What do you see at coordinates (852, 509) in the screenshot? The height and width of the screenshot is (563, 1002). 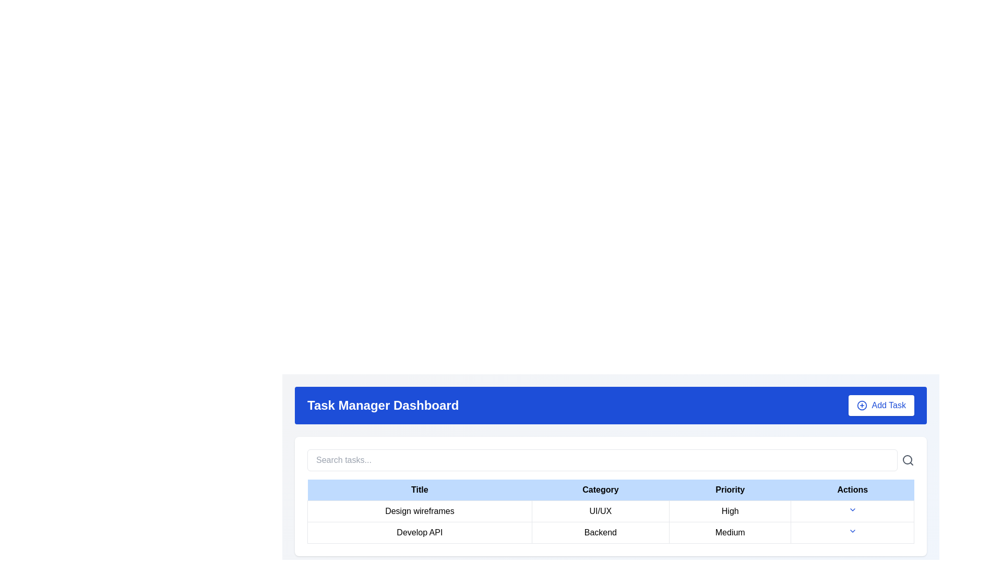 I see `the small downward-pointing chevron icon in the 'Actions' column of the second row of the table in the dashboard interface to change its color` at bounding box center [852, 509].